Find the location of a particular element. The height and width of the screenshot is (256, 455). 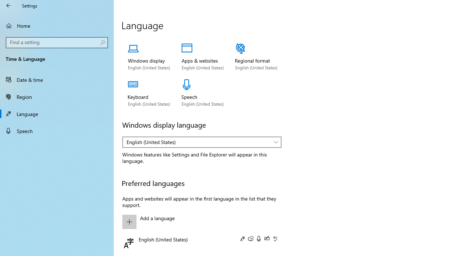

'Windows display language' is located at coordinates (202, 142).